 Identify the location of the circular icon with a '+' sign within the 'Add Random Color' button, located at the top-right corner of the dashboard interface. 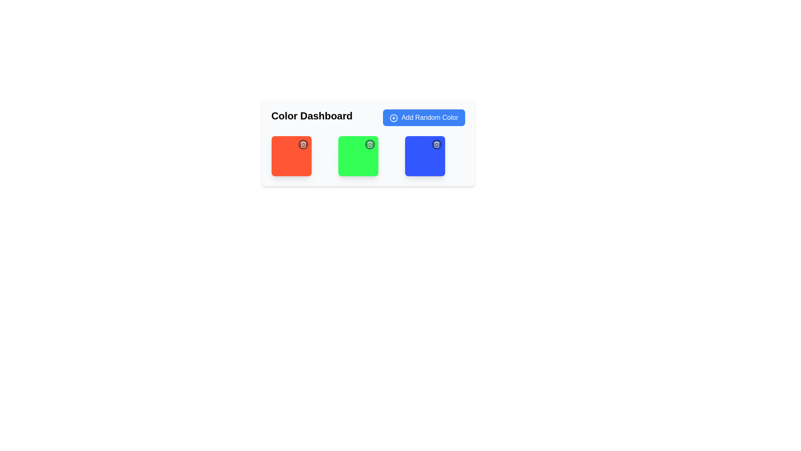
(393, 118).